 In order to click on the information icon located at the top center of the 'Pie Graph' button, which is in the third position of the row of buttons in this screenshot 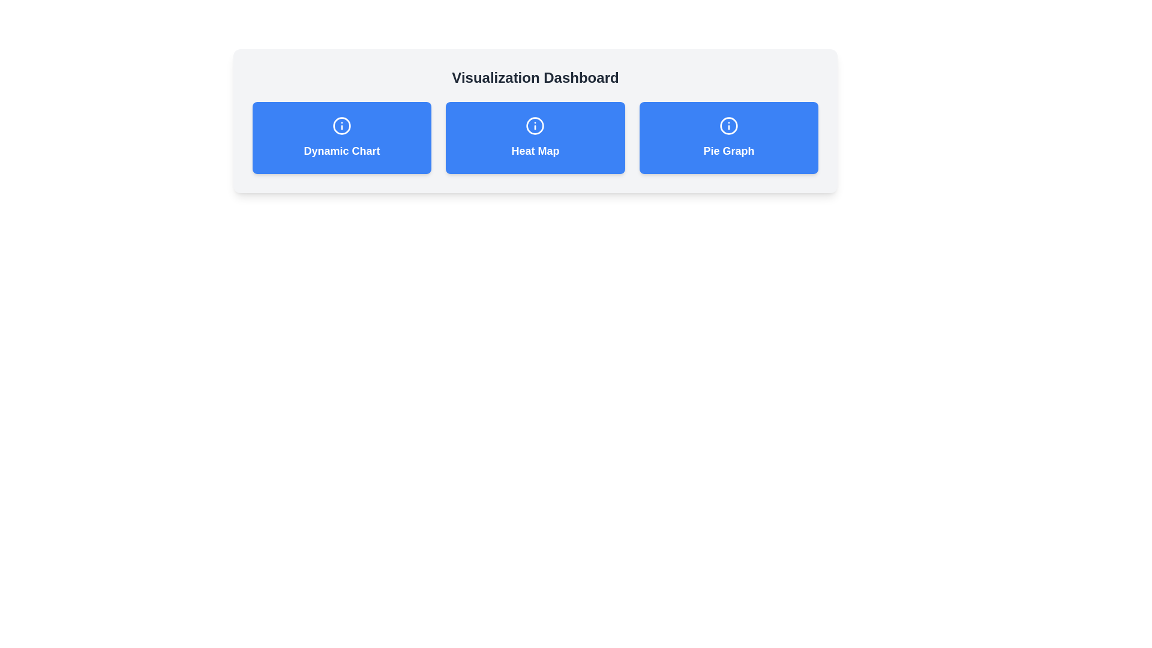, I will do `click(728, 125)`.